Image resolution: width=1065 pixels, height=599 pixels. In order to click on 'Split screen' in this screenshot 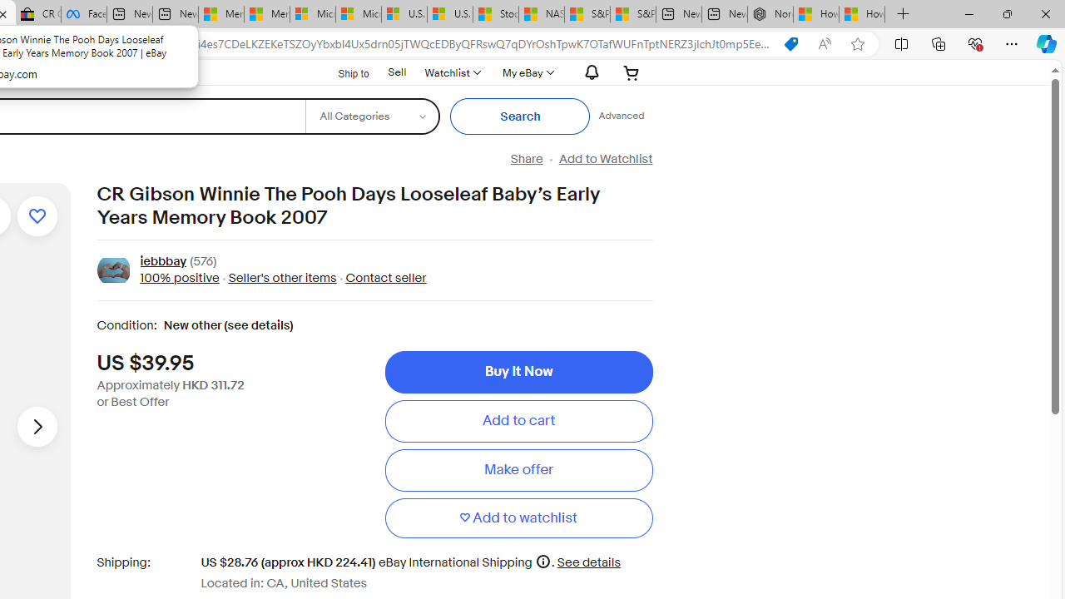, I will do `click(900, 42)`.